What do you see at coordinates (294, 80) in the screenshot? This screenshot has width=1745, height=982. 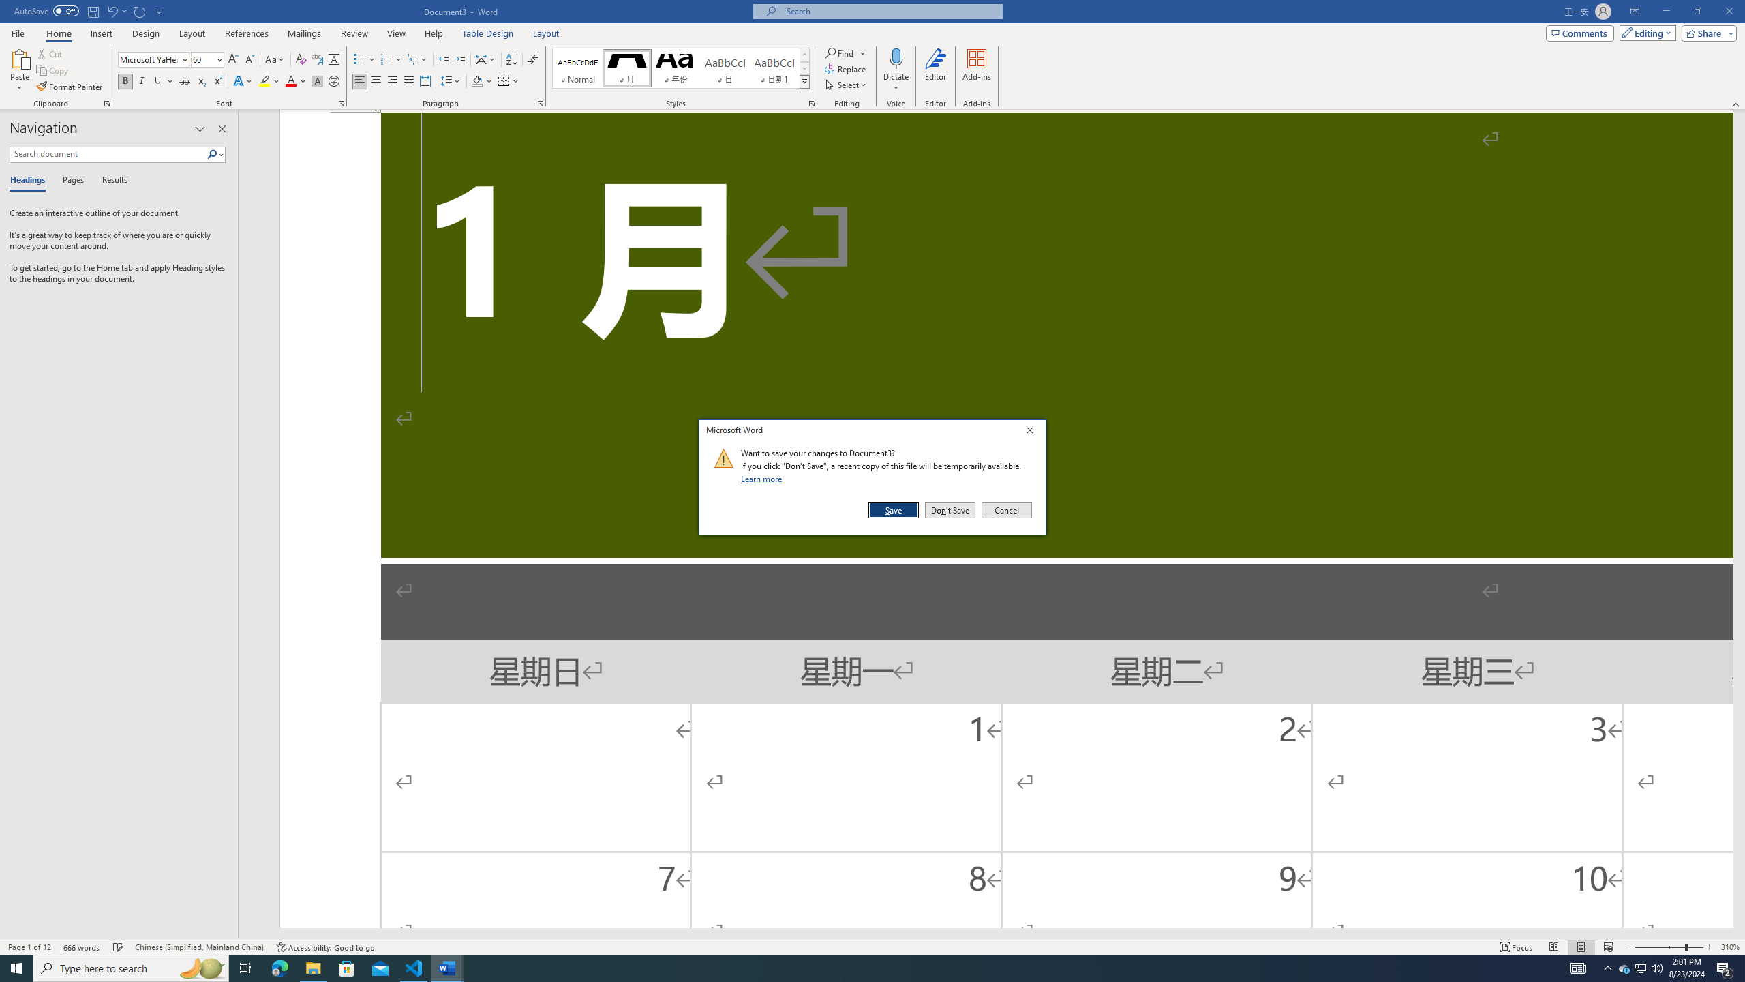 I see `'Font Color'` at bounding box center [294, 80].